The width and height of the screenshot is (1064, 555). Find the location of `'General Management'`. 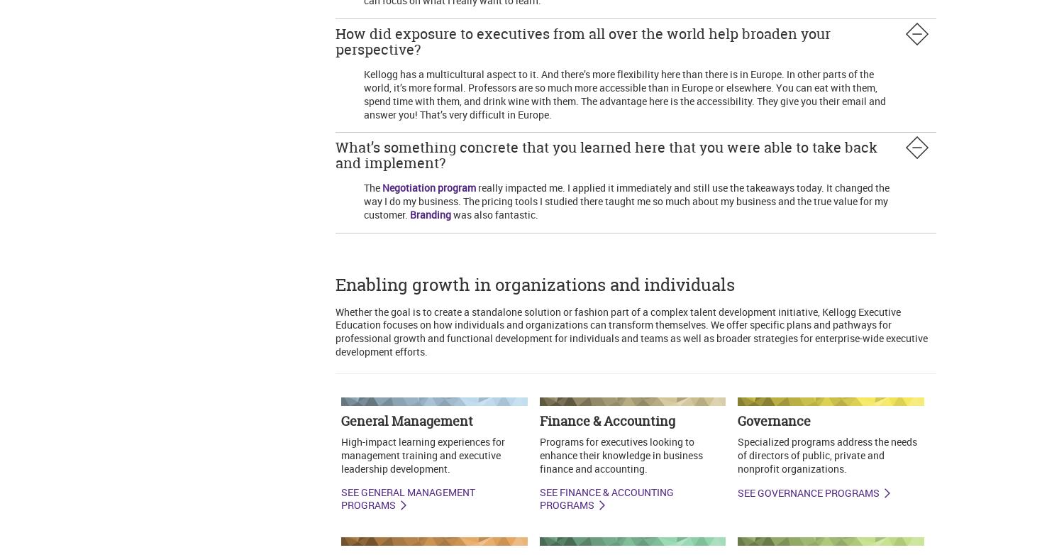

'General Management' is located at coordinates (406, 420).